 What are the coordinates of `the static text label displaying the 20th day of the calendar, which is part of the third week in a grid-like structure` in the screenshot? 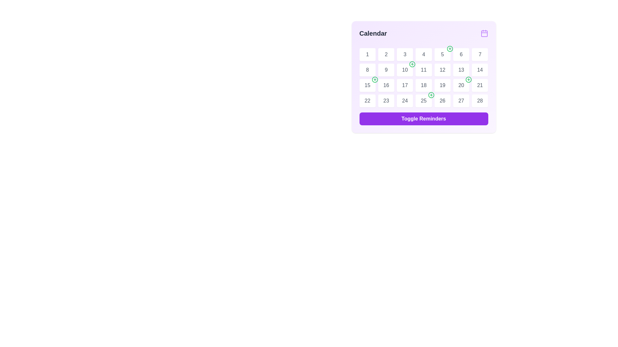 It's located at (461, 85).